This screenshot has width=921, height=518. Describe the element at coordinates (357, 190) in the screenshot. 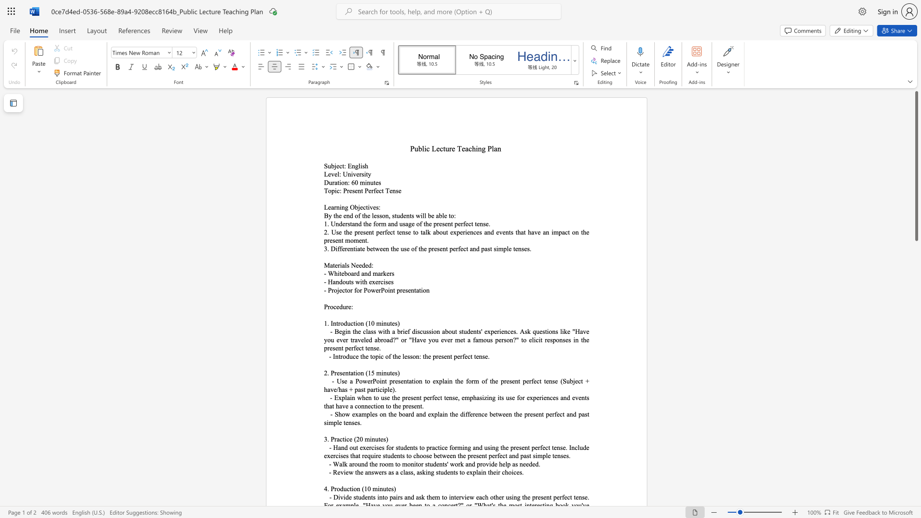

I see `the subset text "nt Perfect Ten" within the text "Topic: Present Perfect Tense"` at that location.